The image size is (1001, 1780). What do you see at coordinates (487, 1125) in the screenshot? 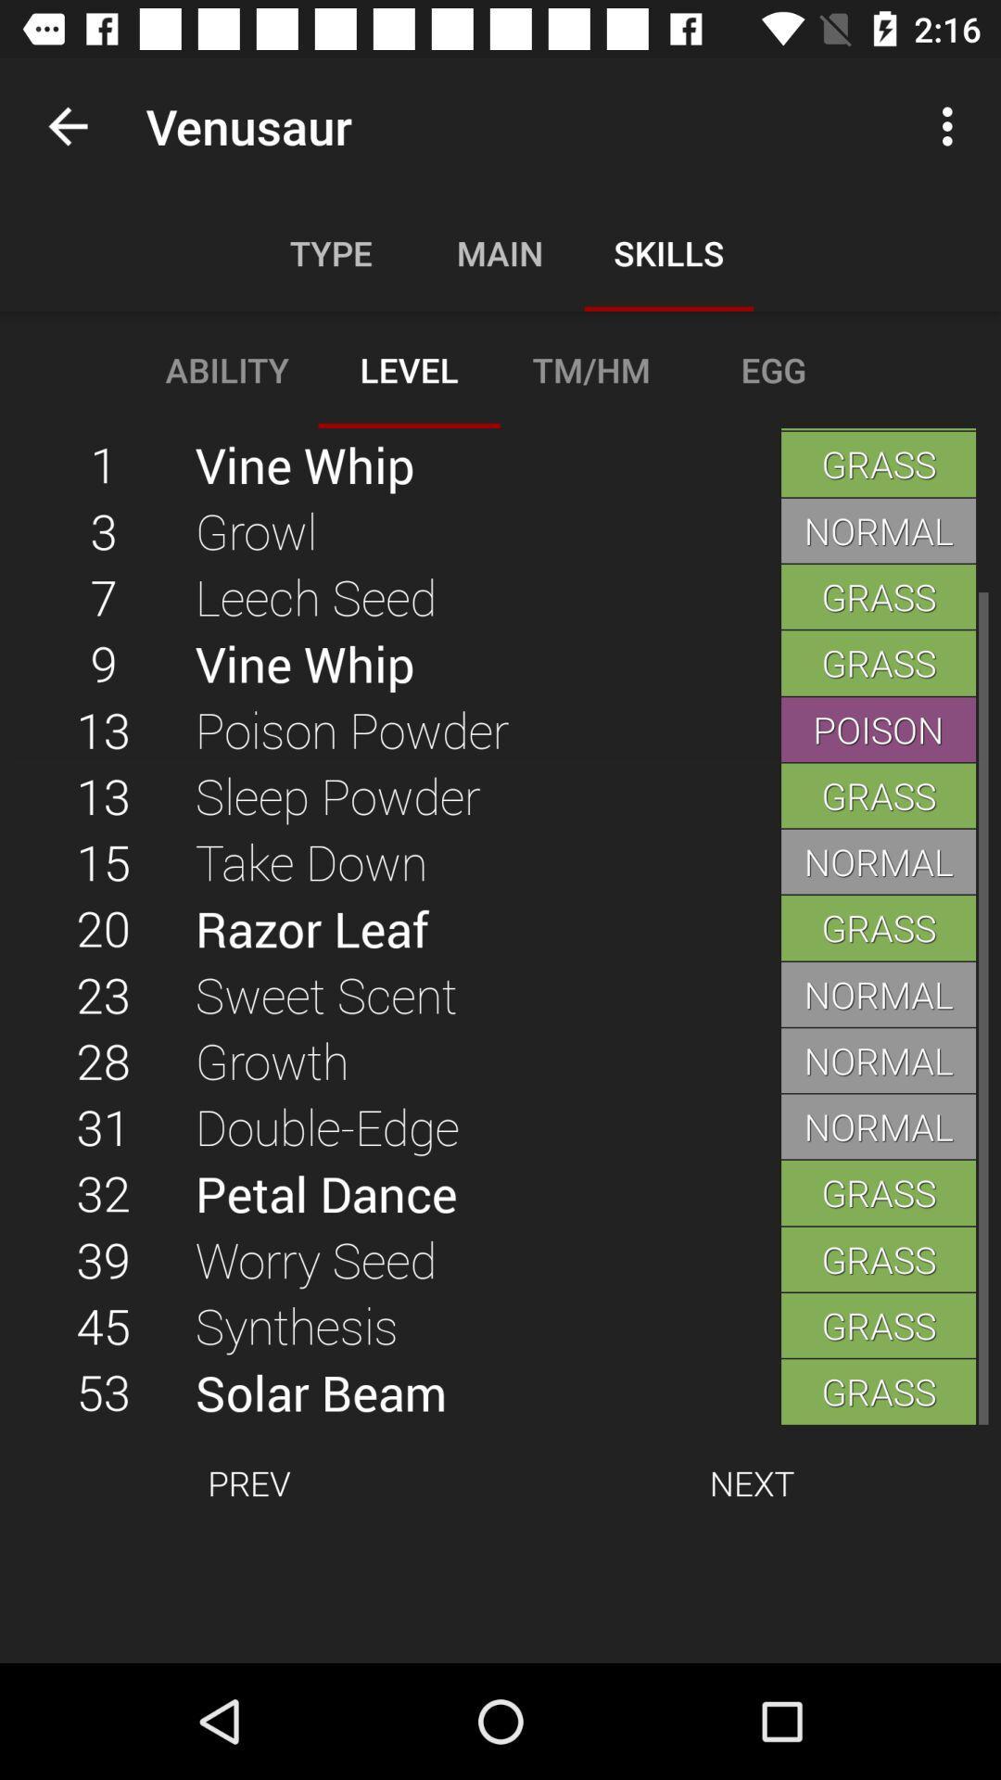
I see `the double-edge item` at bounding box center [487, 1125].